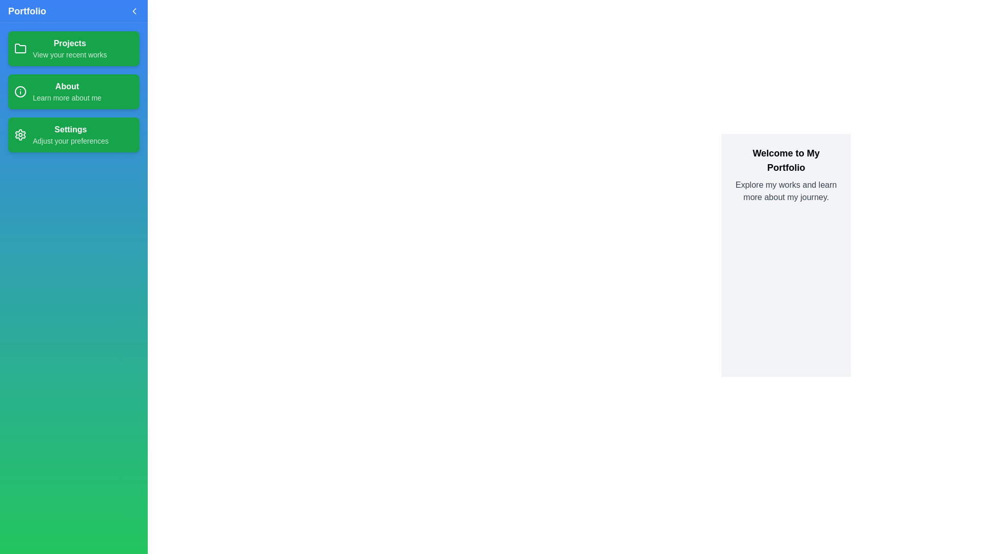 The width and height of the screenshot is (985, 554). Describe the element at coordinates (73, 91) in the screenshot. I see `the section About in the drawer` at that location.